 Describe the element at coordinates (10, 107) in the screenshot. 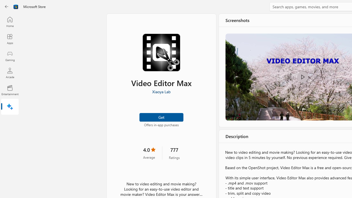

I see `'AI Hub'` at that location.